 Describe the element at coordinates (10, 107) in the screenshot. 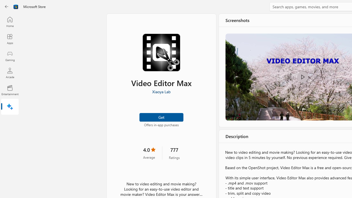

I see `'AI Hub'` at that location.